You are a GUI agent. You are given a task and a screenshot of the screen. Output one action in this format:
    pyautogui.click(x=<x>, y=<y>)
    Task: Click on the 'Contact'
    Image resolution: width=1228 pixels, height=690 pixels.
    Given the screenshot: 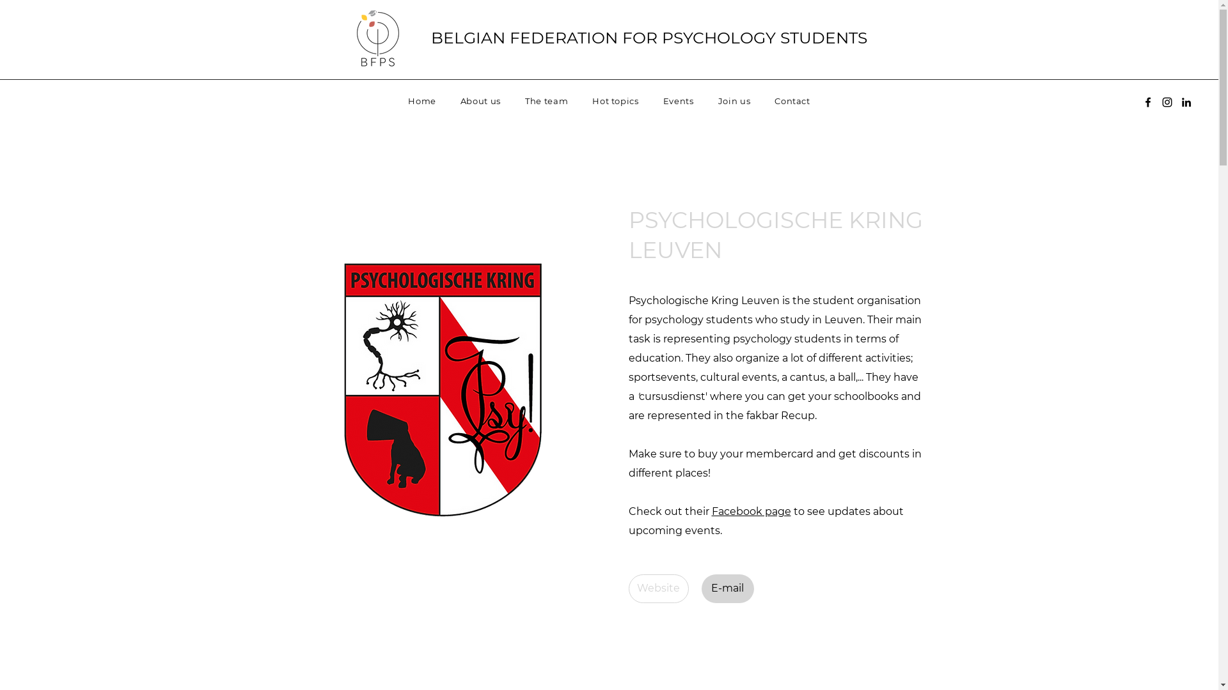 What is the action you would take?
    pyautogui.click(x=791, y=100)
    